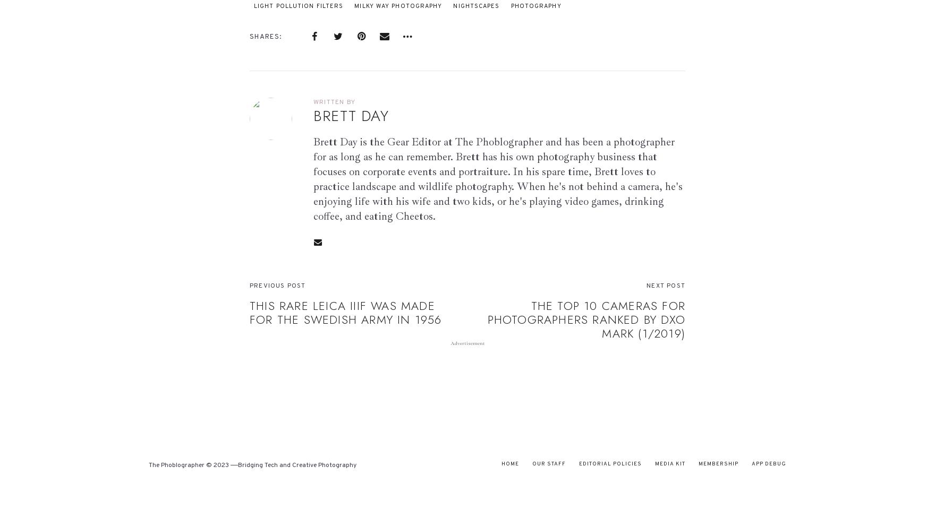  What do you see at coordinates (476, 5) in the screenshot?
I see `'nightscapes'` at bounding box center [476, 5].